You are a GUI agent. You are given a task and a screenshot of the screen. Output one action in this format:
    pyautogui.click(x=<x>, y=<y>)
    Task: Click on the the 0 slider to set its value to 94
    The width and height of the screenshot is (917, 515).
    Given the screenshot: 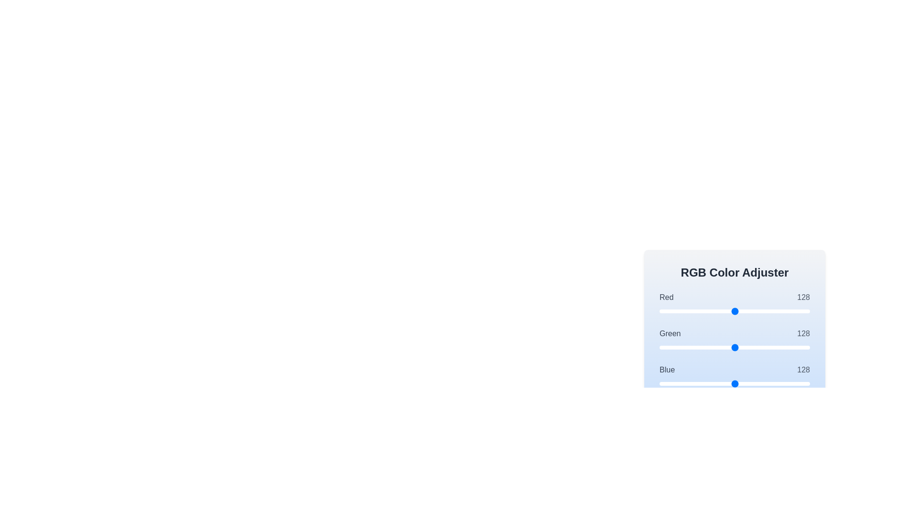 What is the action you would take?
    pyautogui.click(x=715, y=311)
    